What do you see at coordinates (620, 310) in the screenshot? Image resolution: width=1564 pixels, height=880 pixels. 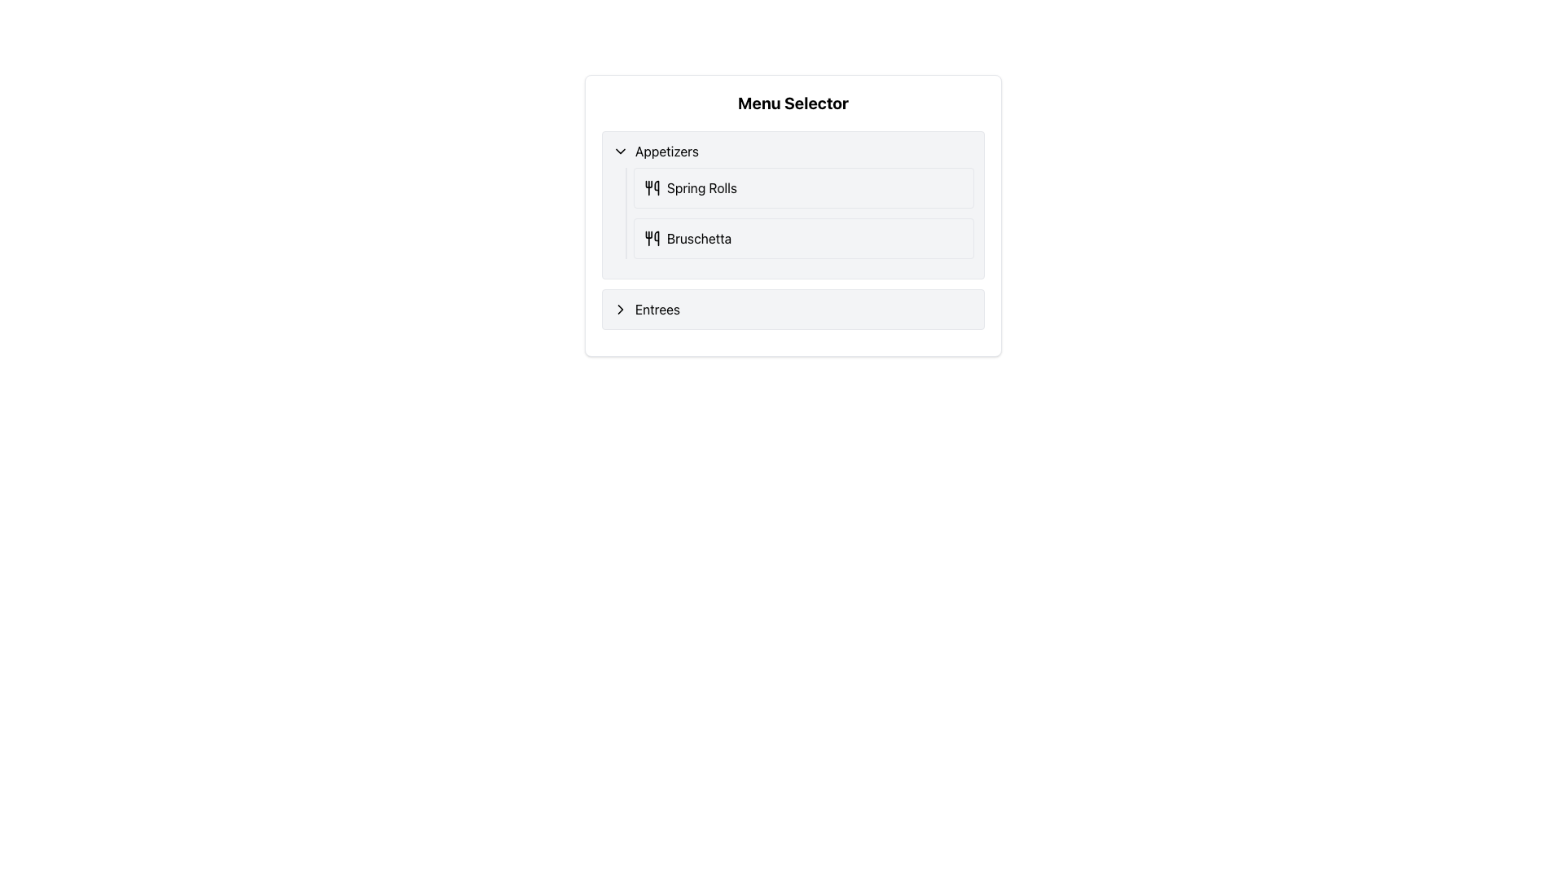 I see `the right-pointing chevron icon with a thin black stroke located to the left of the text 'Entrees' in the menu interface` at bounding box center [620, 310].